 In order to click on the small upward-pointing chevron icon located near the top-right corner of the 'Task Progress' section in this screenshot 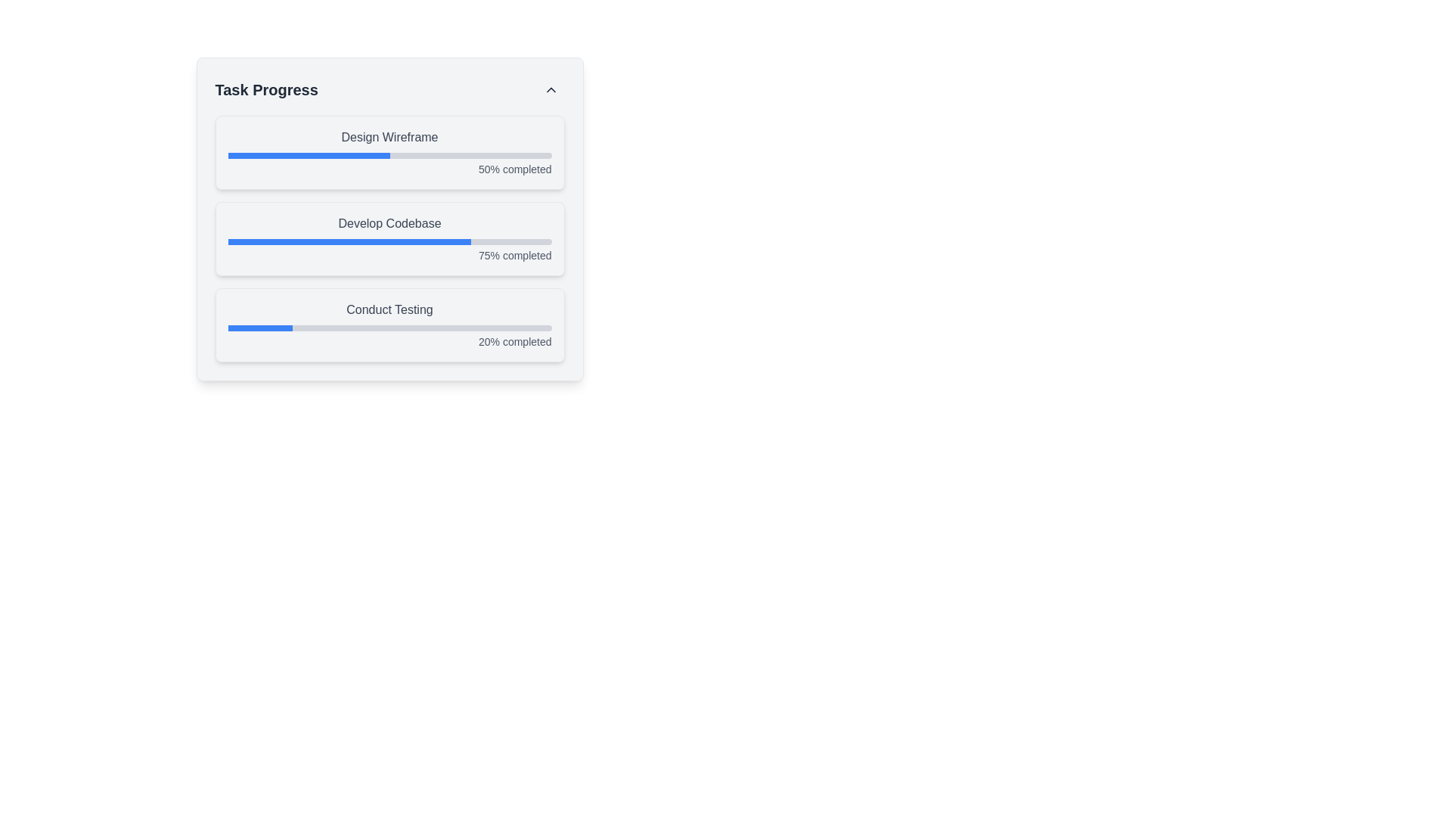, I will do `click(550, 90)`.